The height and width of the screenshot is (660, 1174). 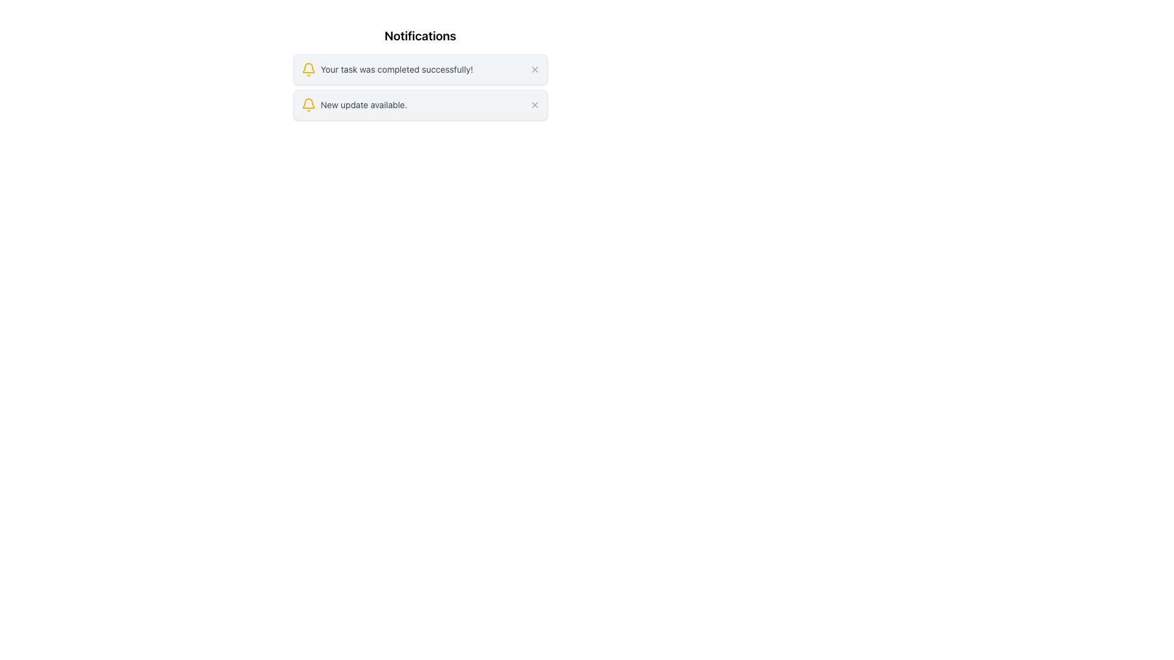 I want to click on the close button located in the top-right corner of the notification message box that contains the text 'Your task was completed successfully!' to change its color, so click(x=534, y=70).